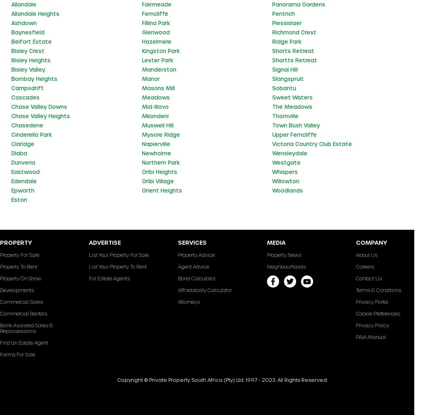 The width and height of the screenshot is (445, 415). What do you see at coordinates (155, 106) in the screenshot?
I see `'Mid-Illovo'` at bounding box center [155, 106].